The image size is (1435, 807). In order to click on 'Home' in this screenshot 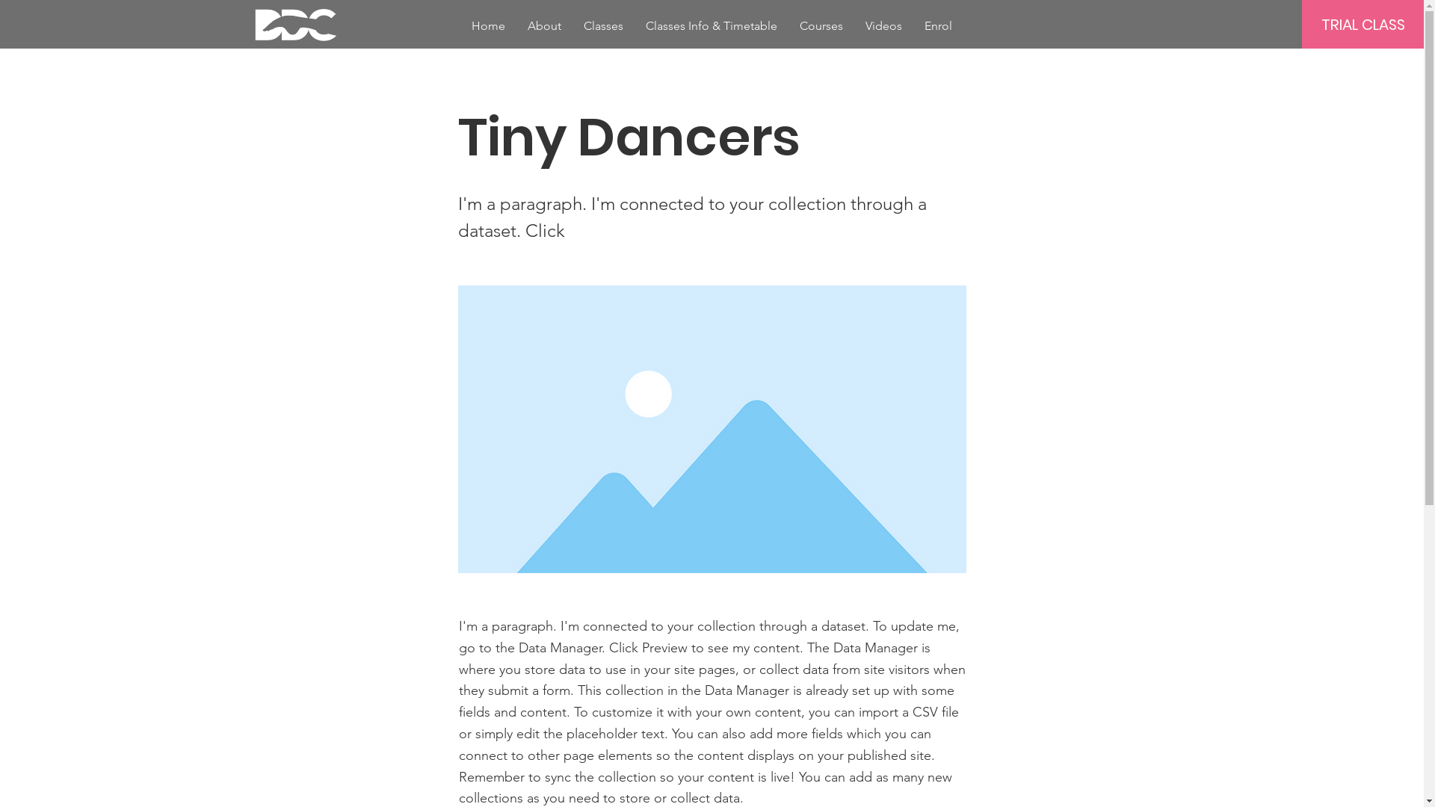, I will do `click(488, 25)`.